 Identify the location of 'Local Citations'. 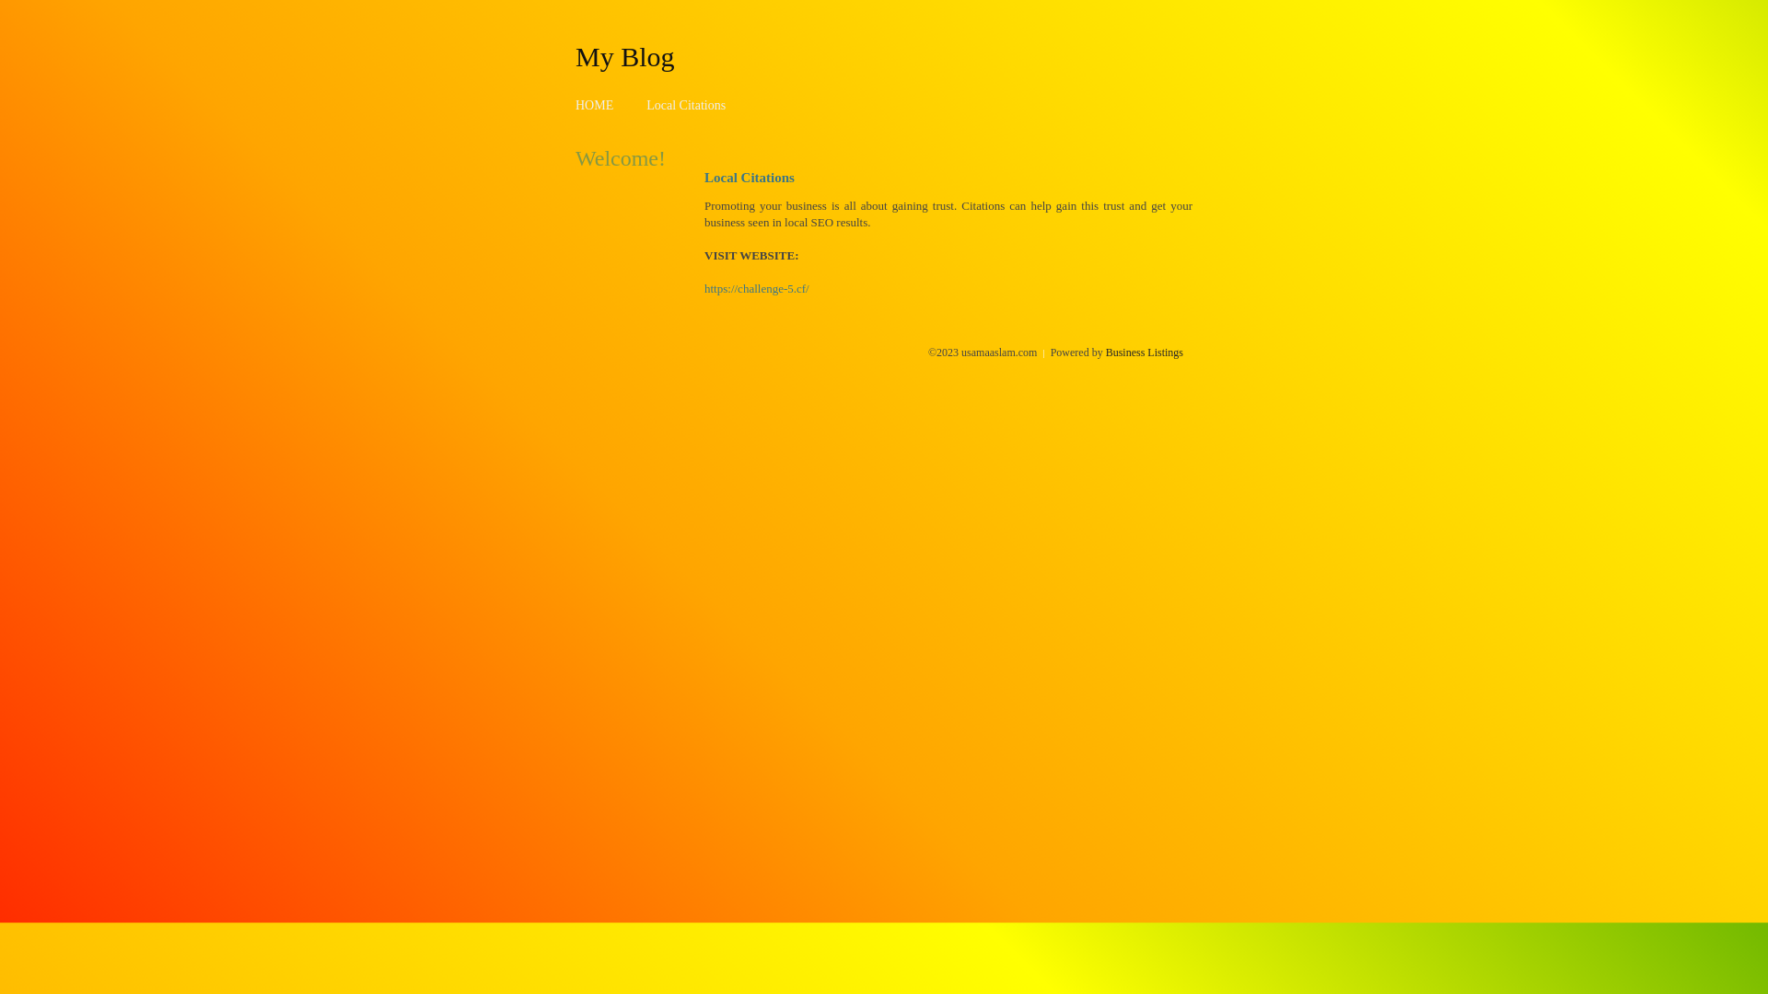
(646, 105).